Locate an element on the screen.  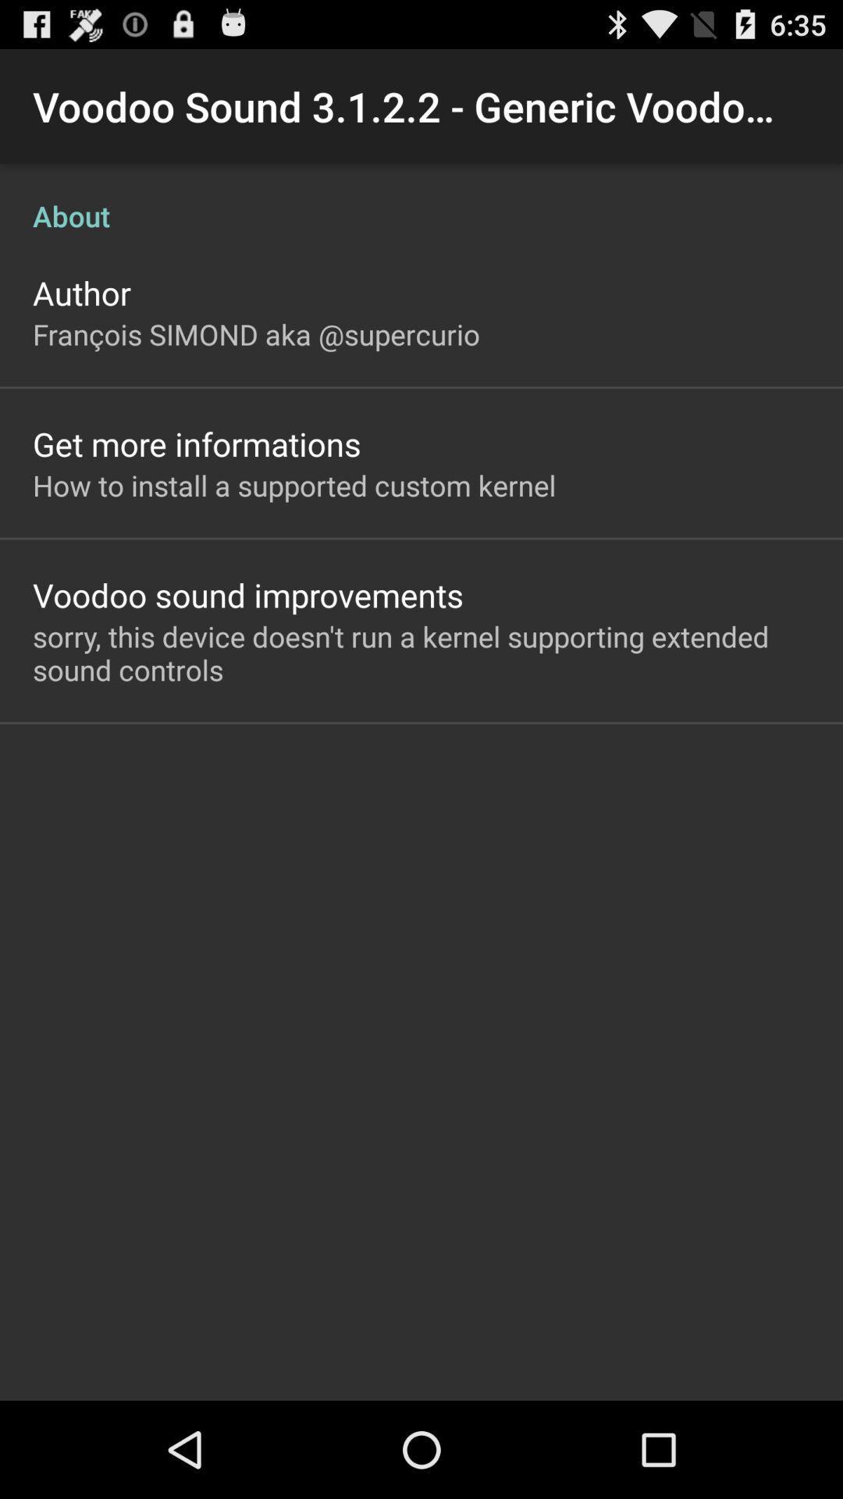
the icon below the voodoo sound 3 is located at coordinates (421, 198).